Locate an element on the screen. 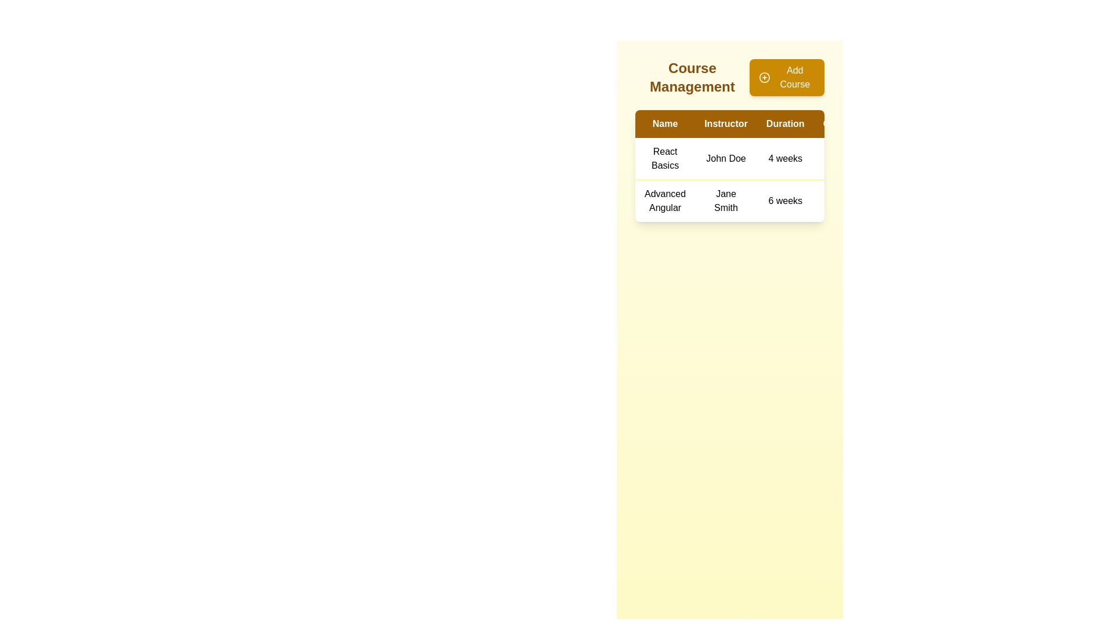 This screenshot has height=626, width=1114. the table header row which has a golden-yellow background and white text, containing column labels like 'Name', 'Instructor', 'Duration', 'Capacity', and 'Actions' is located at coordinates (779, 123).